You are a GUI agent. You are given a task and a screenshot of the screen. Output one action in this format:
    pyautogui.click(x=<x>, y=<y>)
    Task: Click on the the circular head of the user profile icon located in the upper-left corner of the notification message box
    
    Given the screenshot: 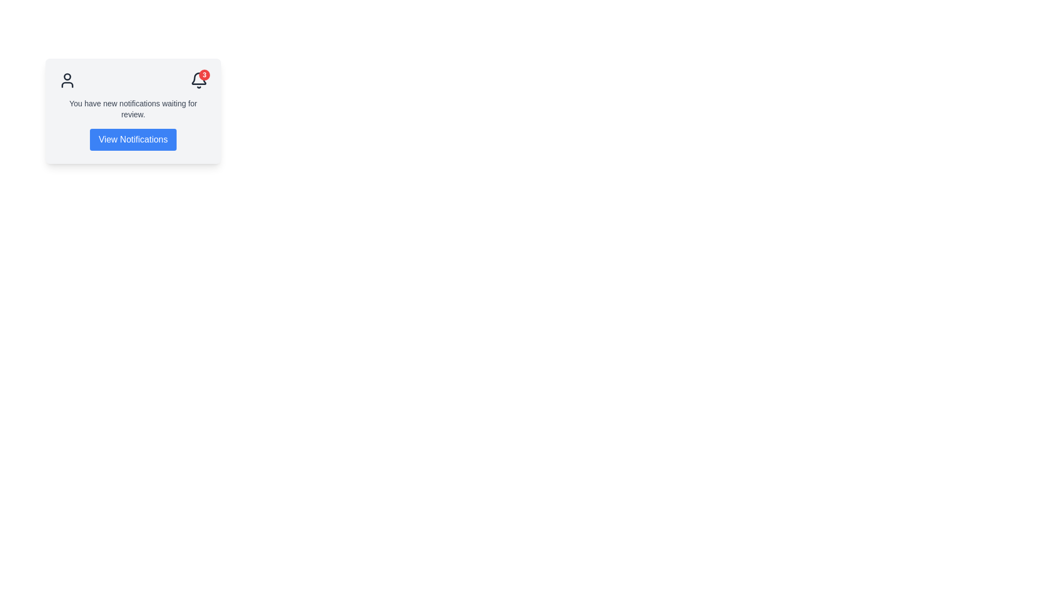 What is the action you would take?
    pyautogui.click(x=67, y=76)
    